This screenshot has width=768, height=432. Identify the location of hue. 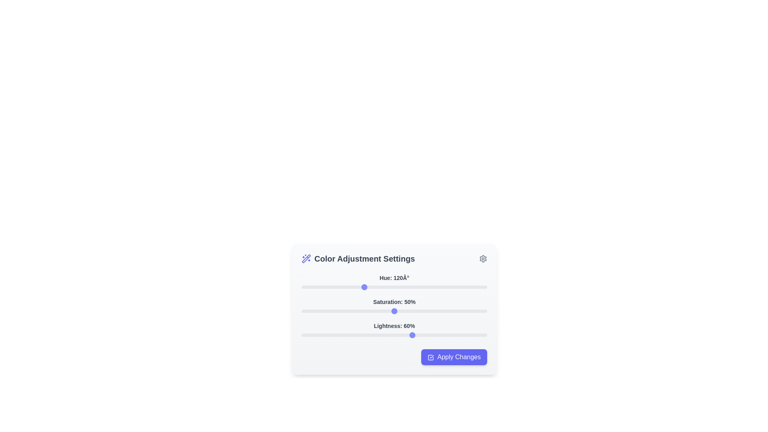
(316, 286).